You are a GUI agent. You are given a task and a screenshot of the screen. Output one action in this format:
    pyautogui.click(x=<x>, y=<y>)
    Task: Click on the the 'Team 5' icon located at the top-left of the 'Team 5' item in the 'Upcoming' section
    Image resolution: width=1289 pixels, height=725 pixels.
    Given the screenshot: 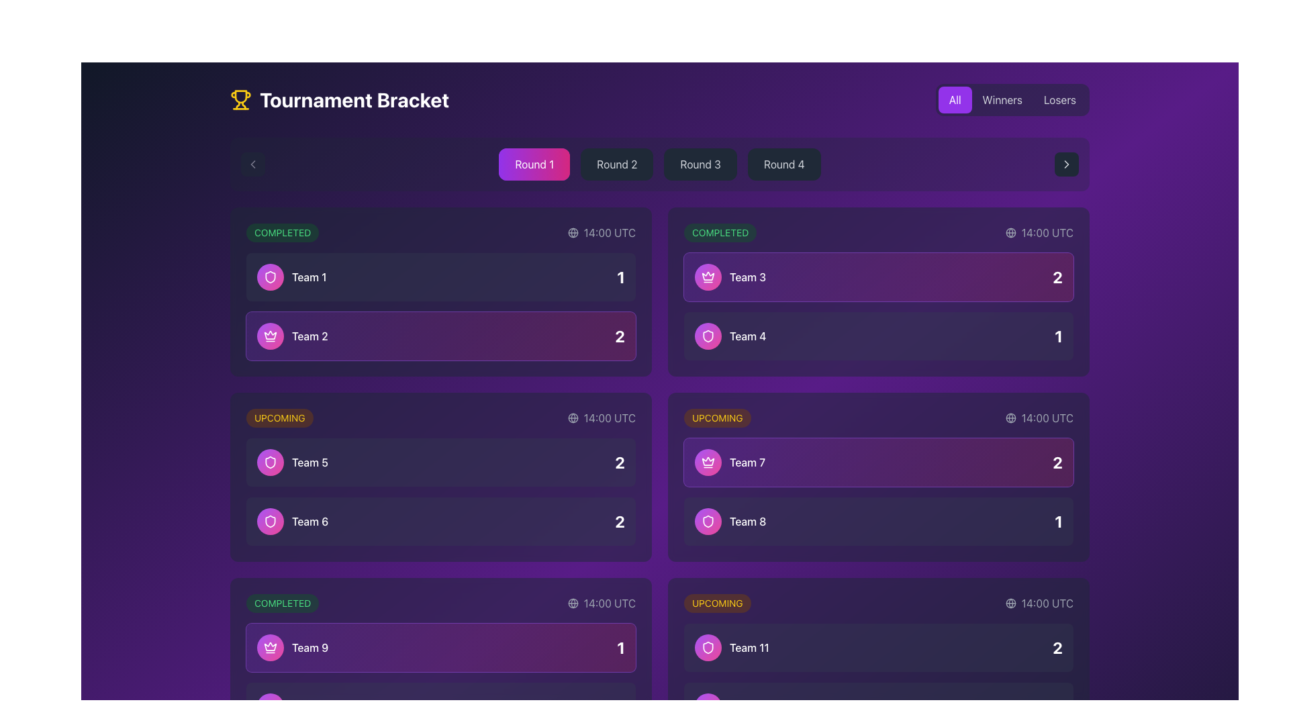 What is the action you would take?
    pyautogui.click(x=270, y=276)
    